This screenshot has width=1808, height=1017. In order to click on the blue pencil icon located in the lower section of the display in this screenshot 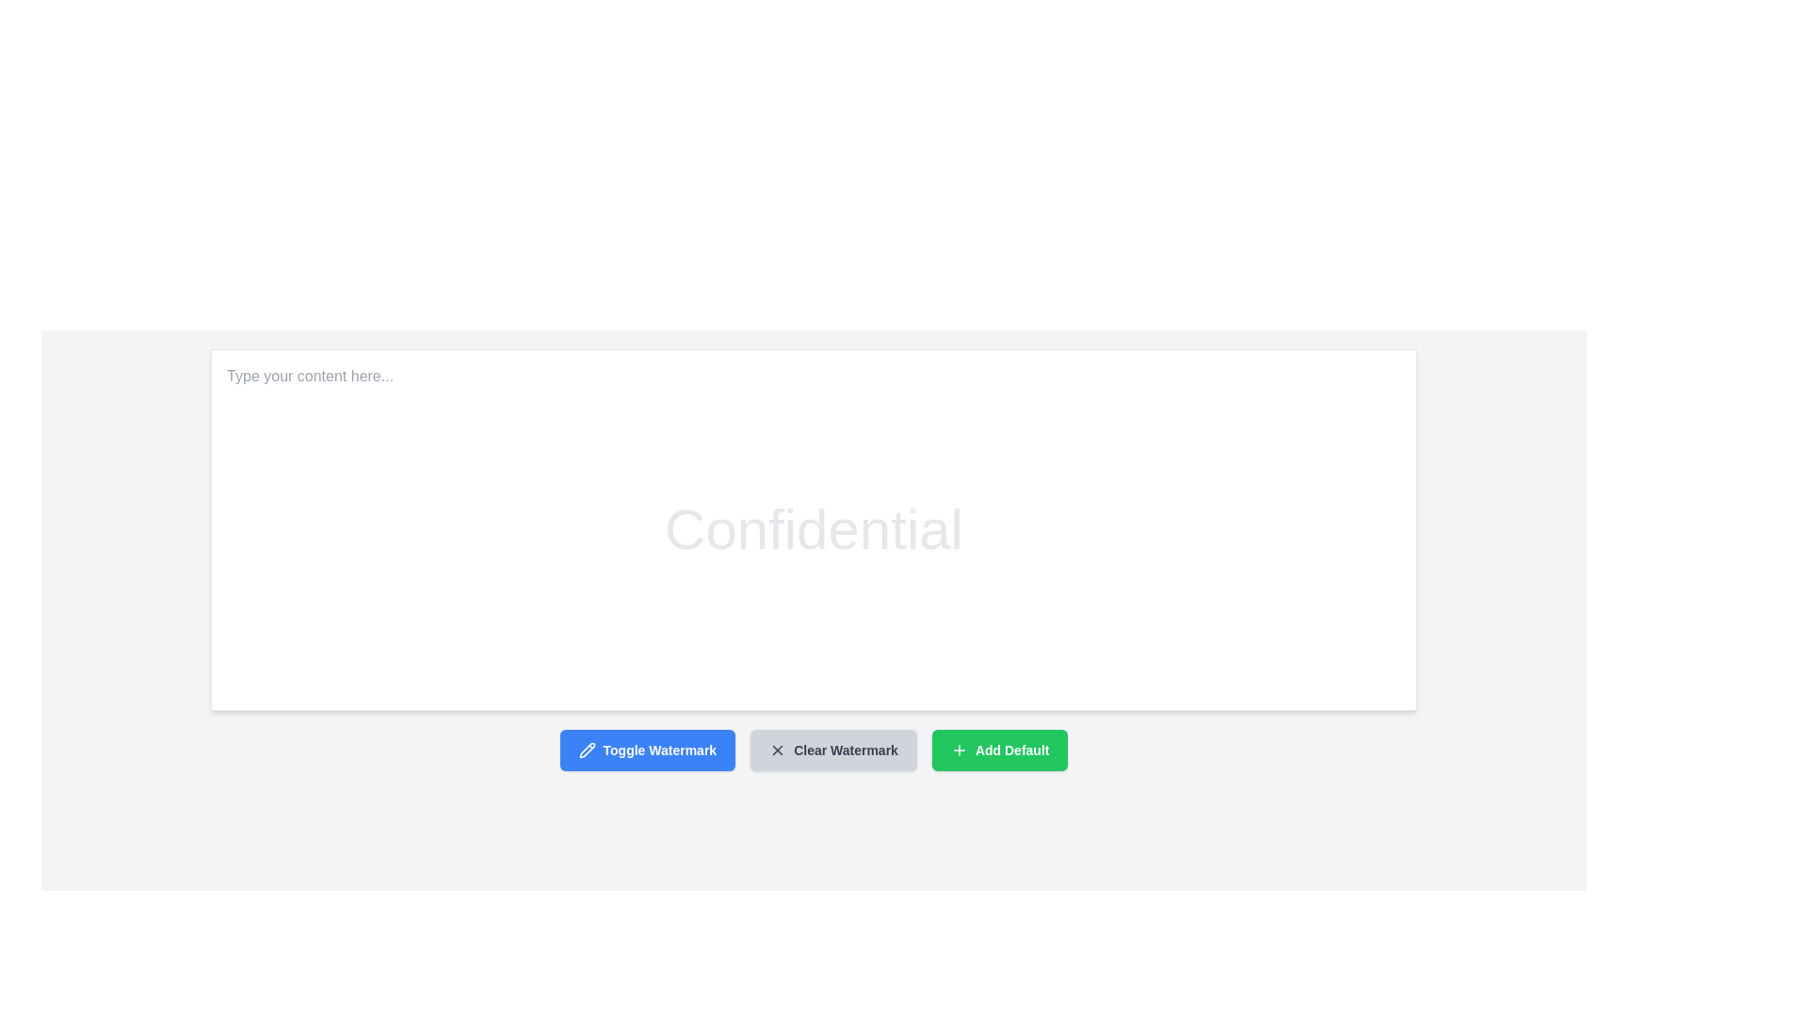, I will do `click(586, 750)`.